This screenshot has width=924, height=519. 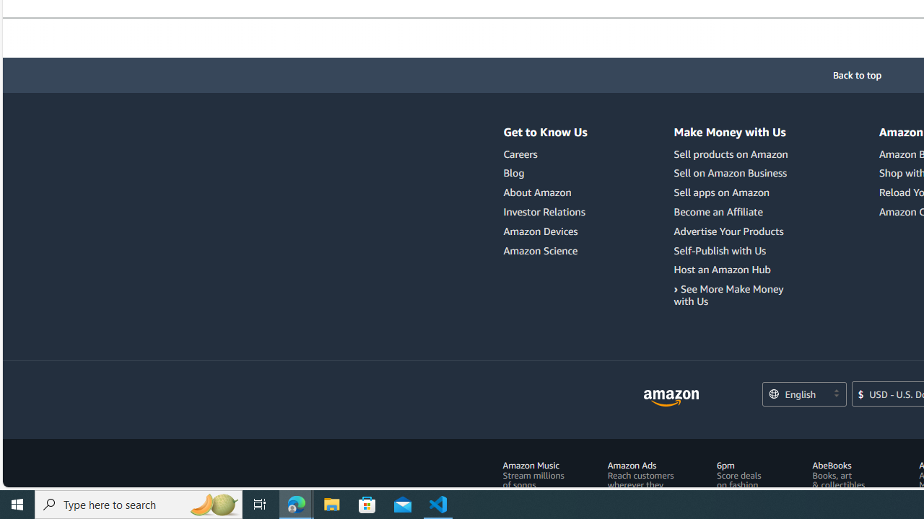 I want to click on 'Investor Relations', so click(x=544, y=212).